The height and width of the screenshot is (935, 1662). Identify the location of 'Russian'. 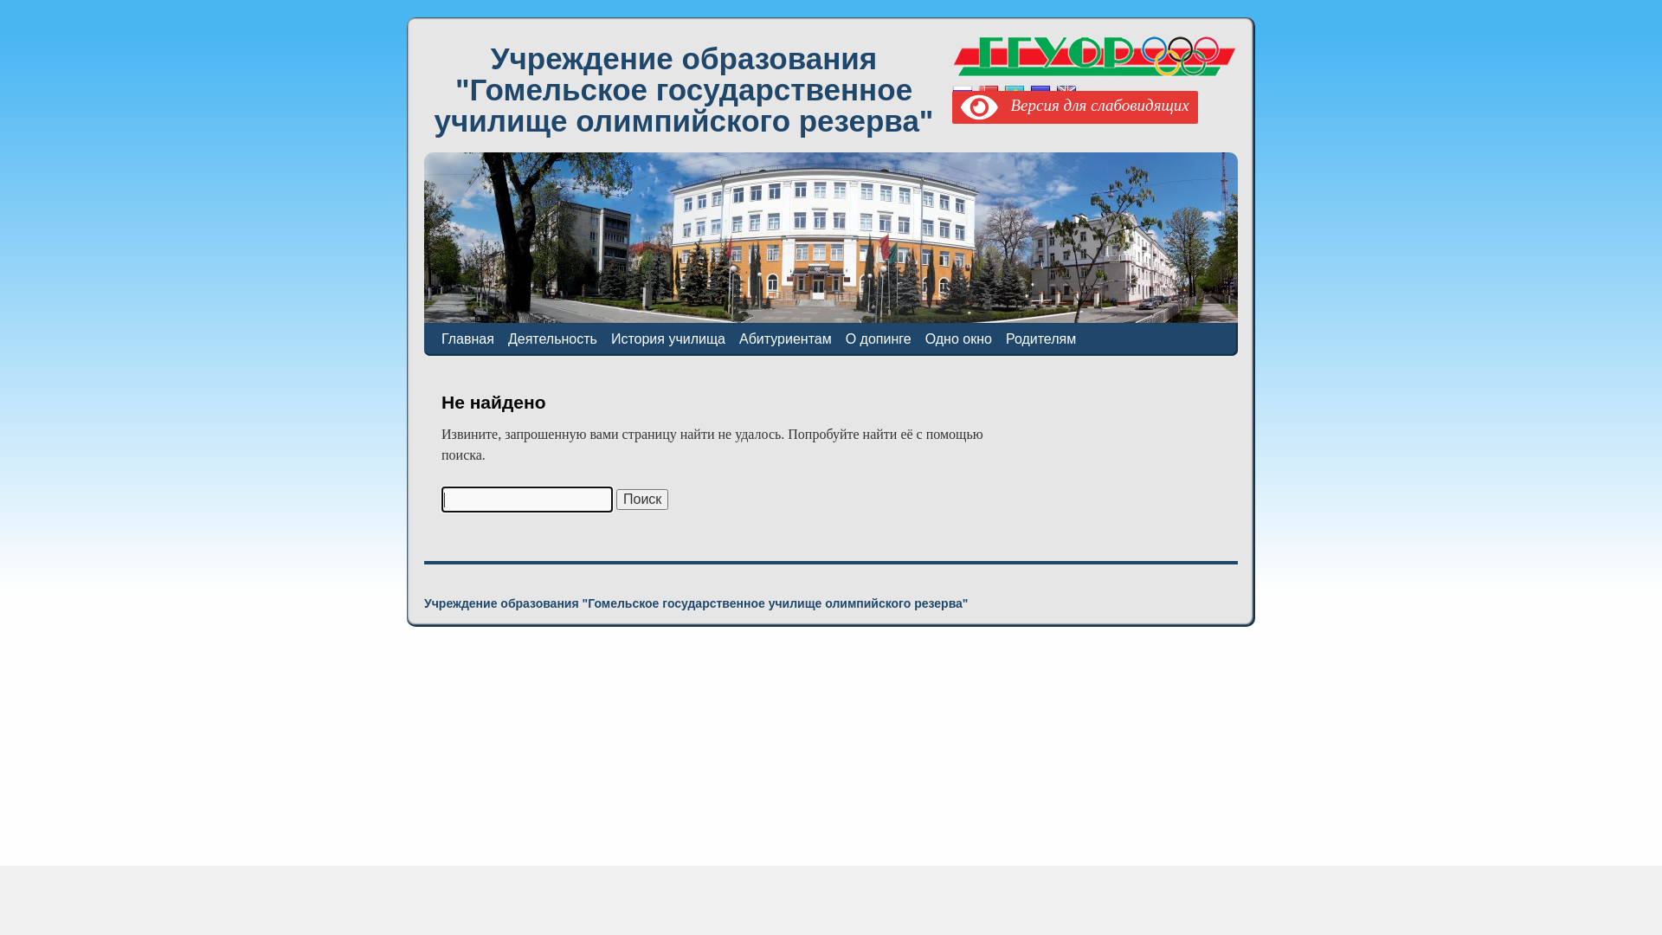
(962, 93).